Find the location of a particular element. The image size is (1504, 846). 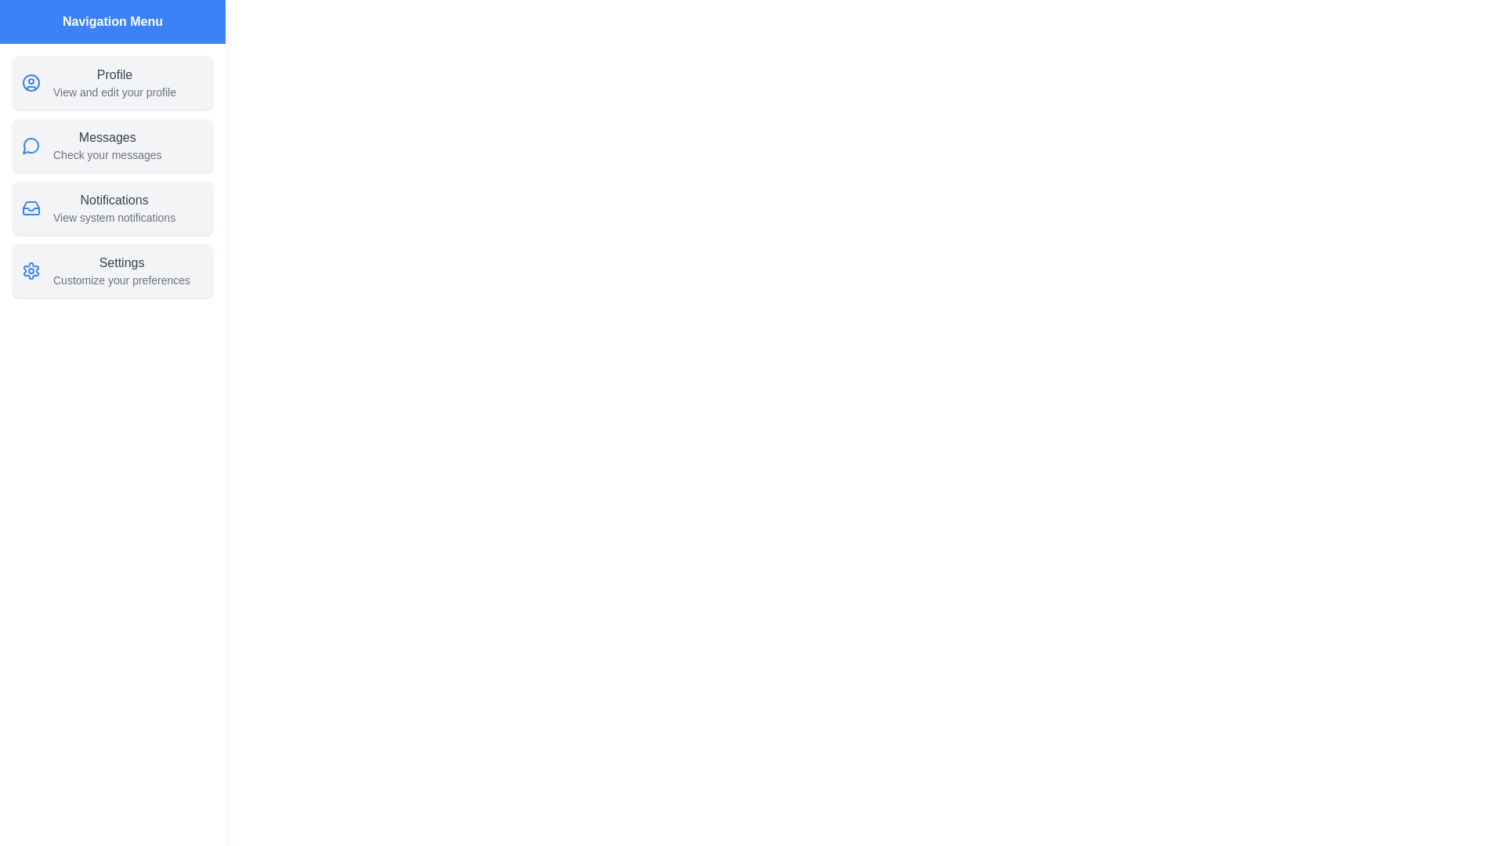

the Settings to view its details is located at coordinates (112, 270).